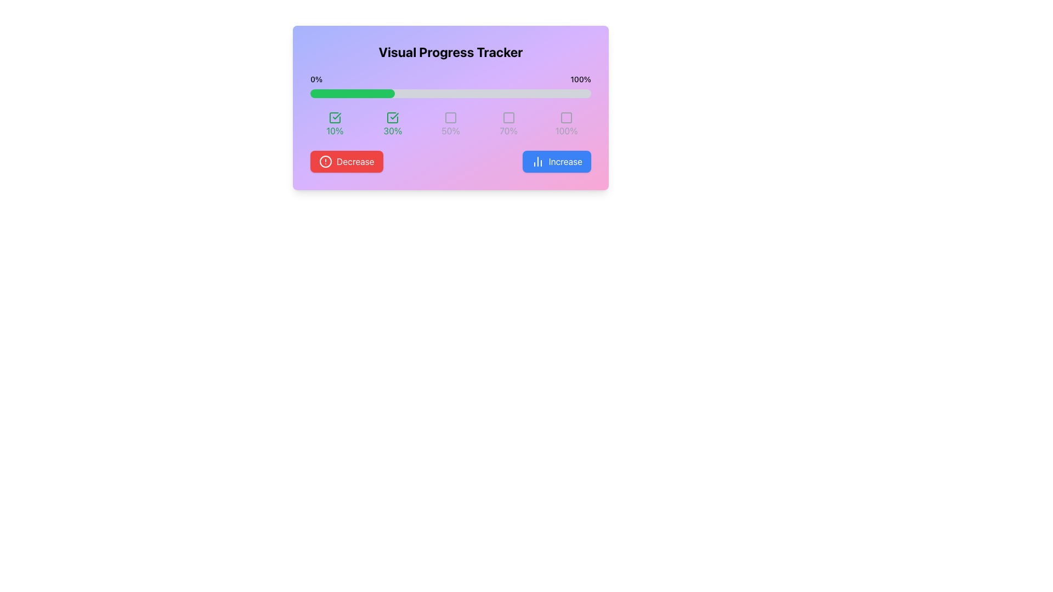 Image resolution: width=1053 pixels, height=592 pixels. I want to click on the square-shaped progress marker with a hollow center and rounded edges, aligned with the '70%' label, so click(508, 118).